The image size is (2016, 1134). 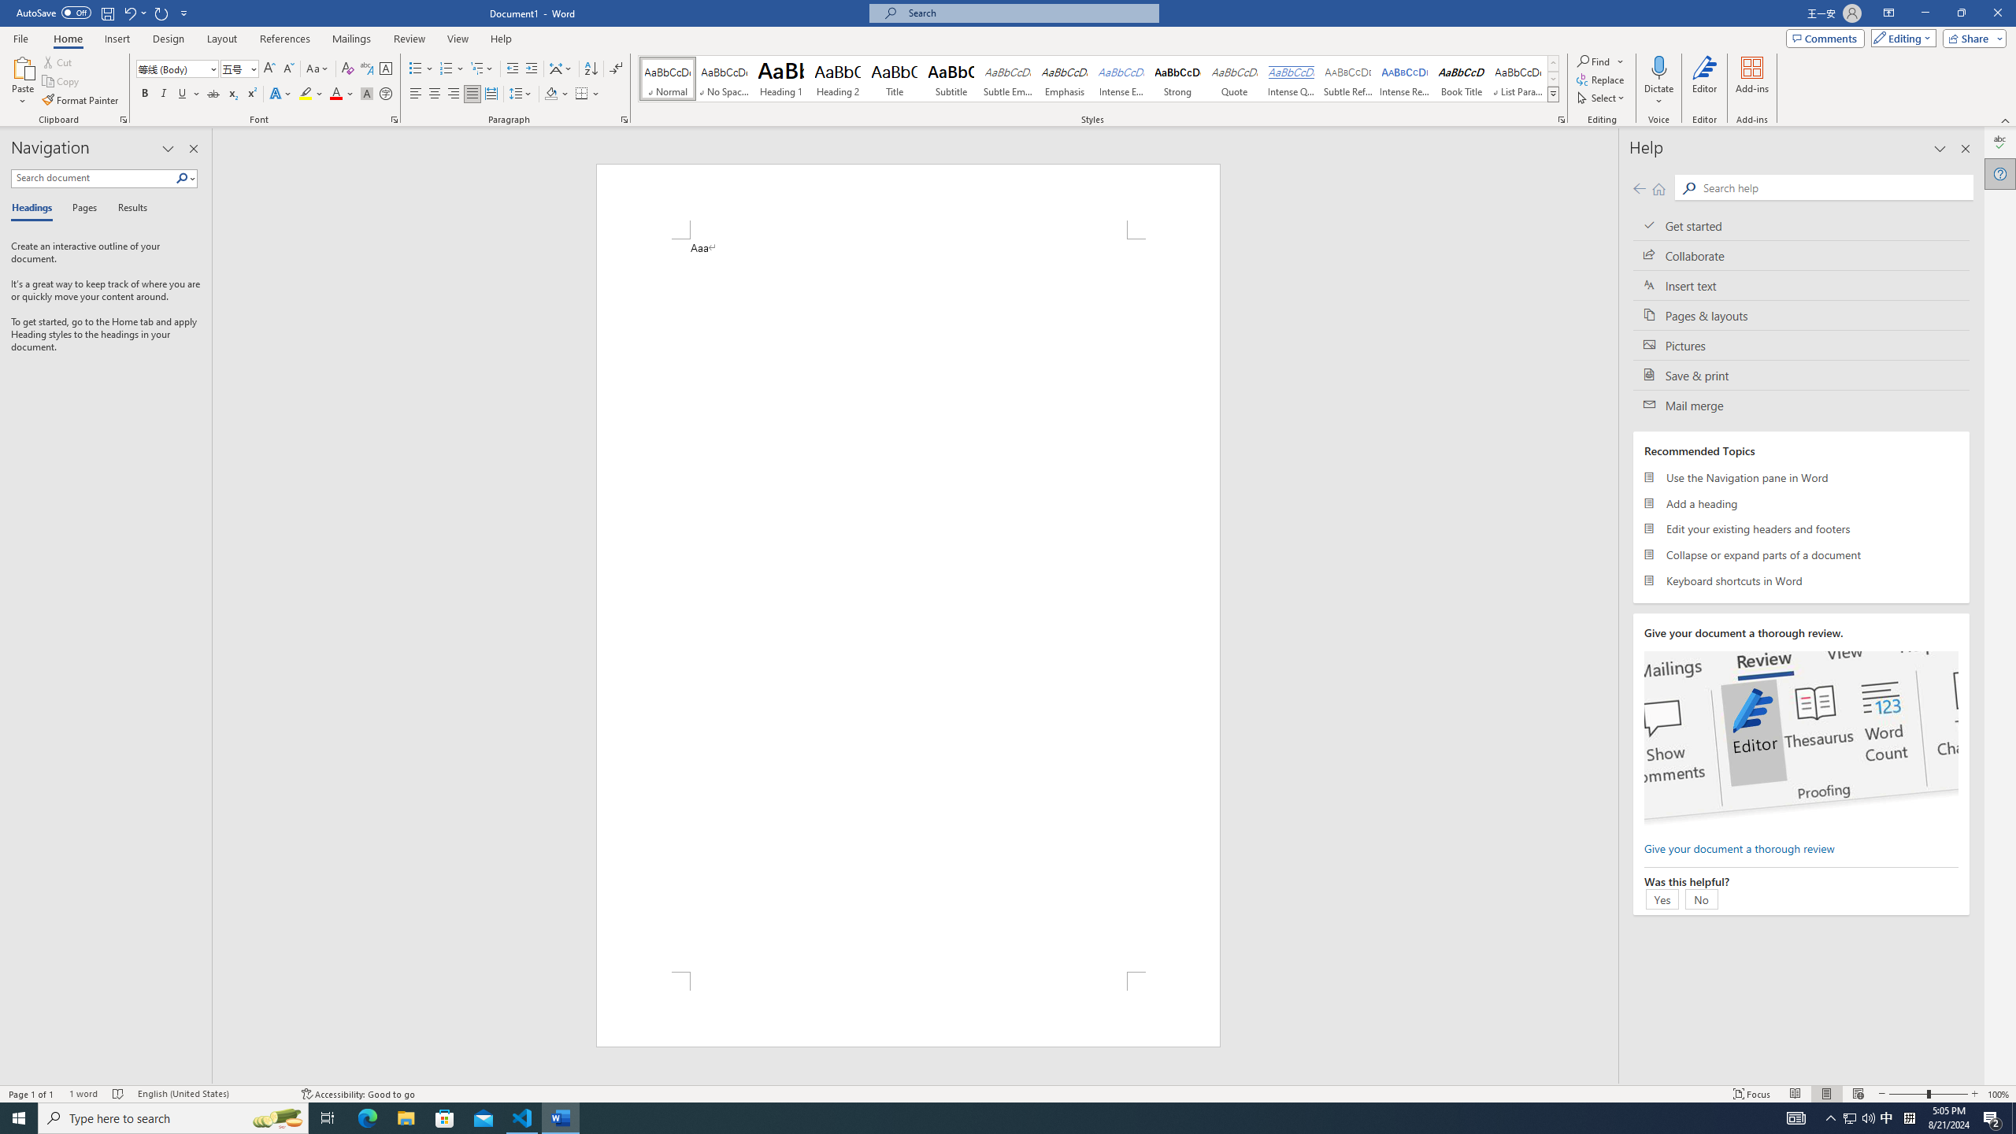 I want to click on 'Strikethrough', so click(x=213, y=93).